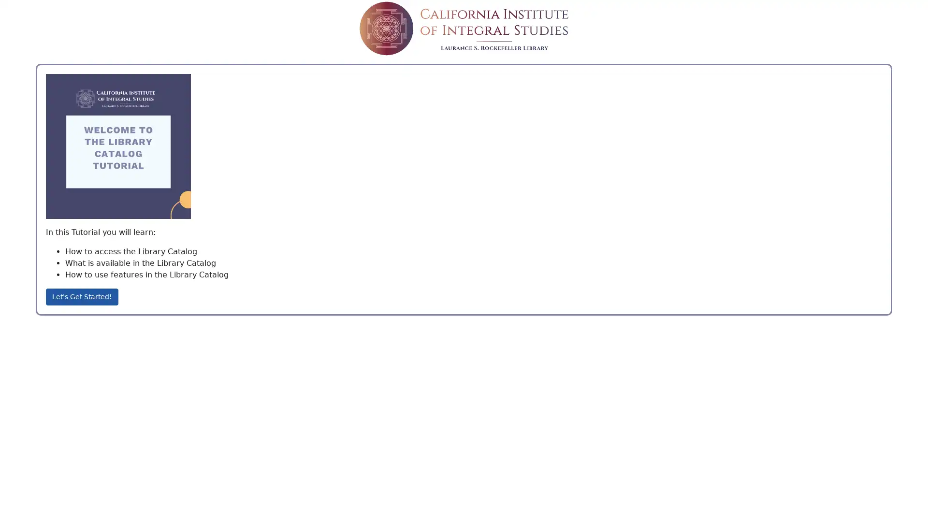 Image resolution: width=928 pixels, height=522 pixels. Describe the element at coordinates (81, 296) in the screenshot. I see `Let's Get Started!` at that location.